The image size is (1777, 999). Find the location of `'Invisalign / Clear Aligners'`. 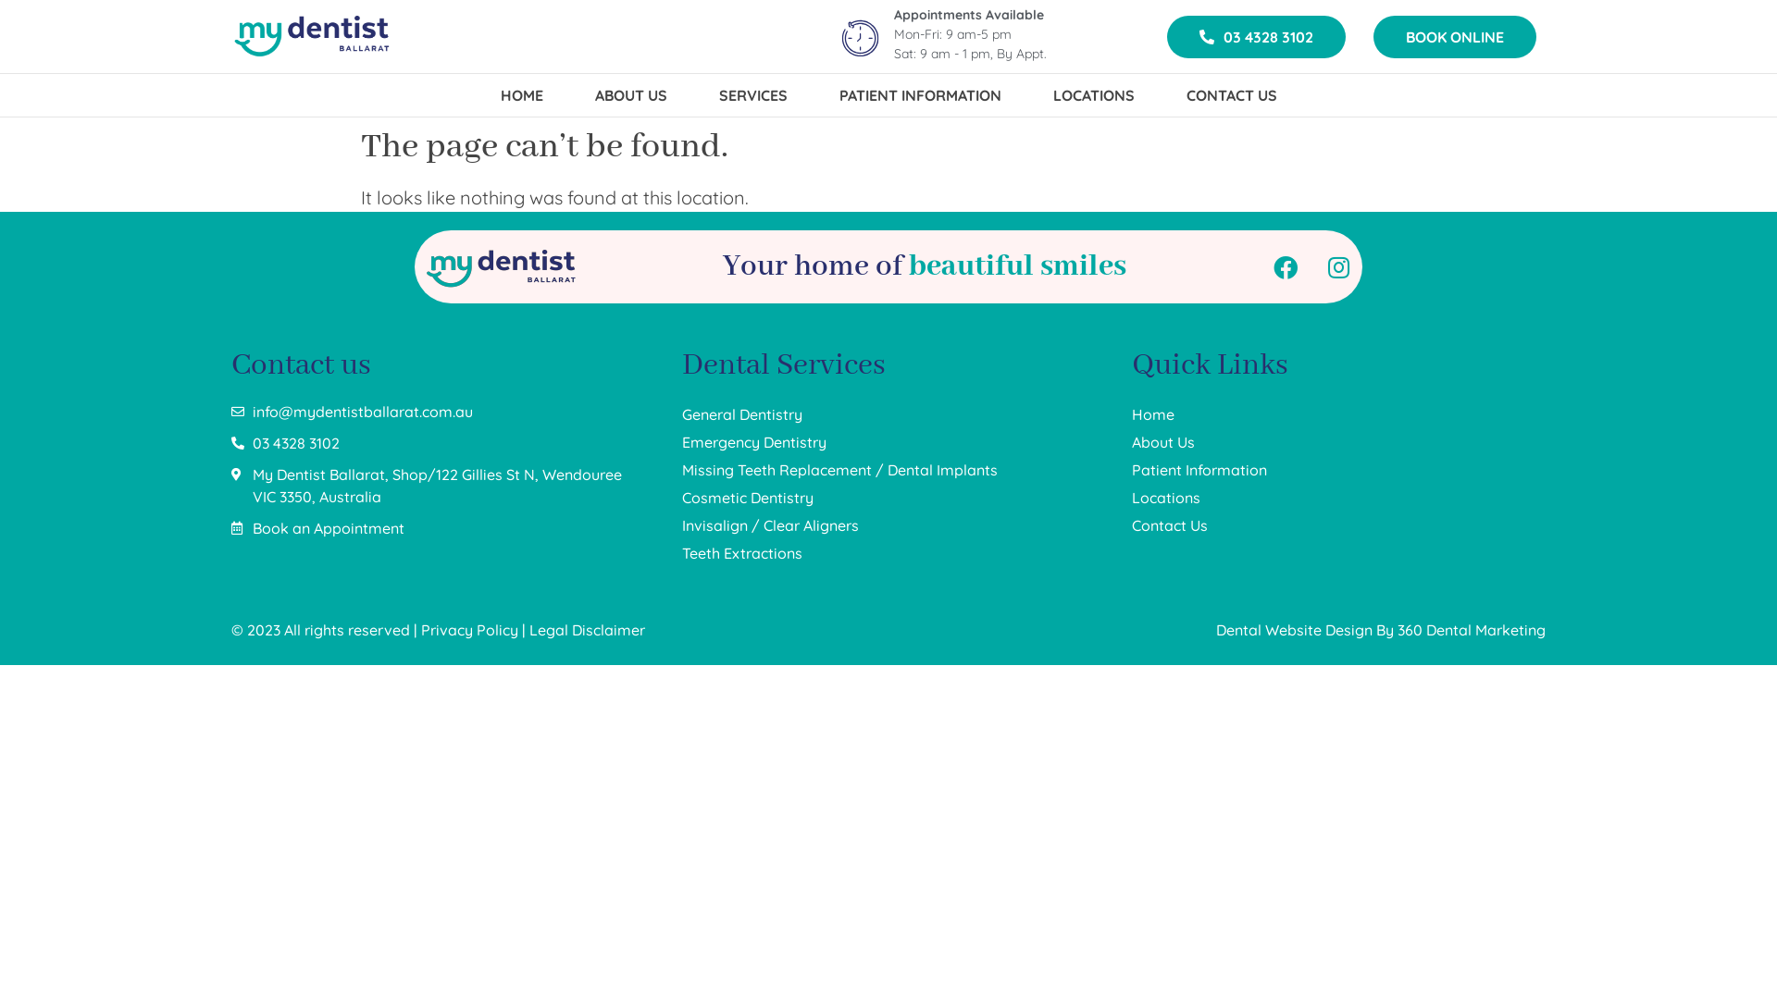

'Invisalign / Clear Aligners' is located at coordinates (888, 524).